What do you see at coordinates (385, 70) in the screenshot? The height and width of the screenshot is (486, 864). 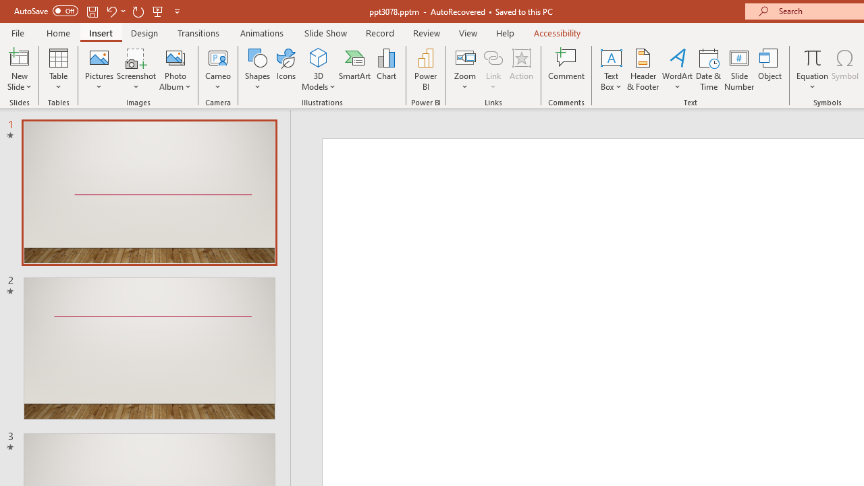 I see `'Chart...'` at bounding box center [385, 70].